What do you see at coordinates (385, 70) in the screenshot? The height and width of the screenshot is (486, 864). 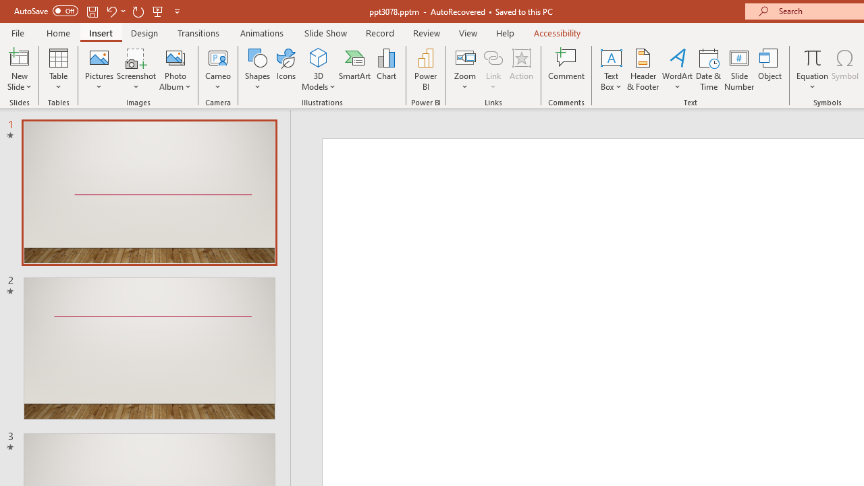 I see `'Chart...'` at bounding box center [385, 70].